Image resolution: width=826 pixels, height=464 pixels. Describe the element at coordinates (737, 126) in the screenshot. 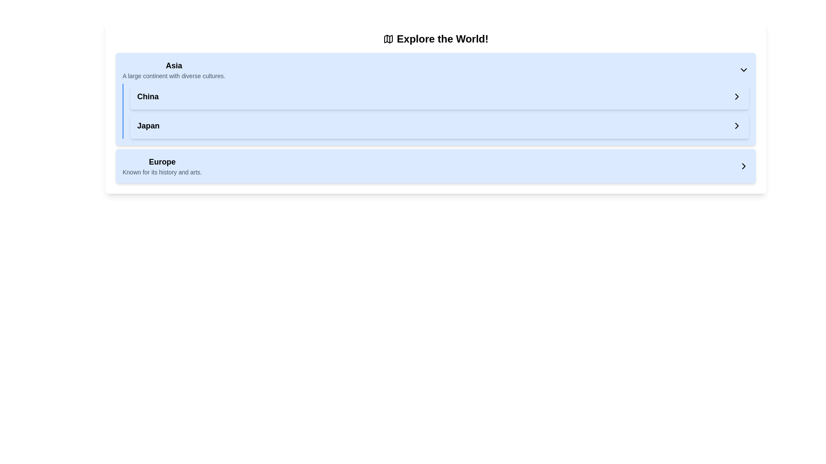

I see `the right-pointing chevron icon, which is styled with a black color and thin stroke, located to the far right of the 'Japan' label in the list-like component, to initiate navigation` at that location.